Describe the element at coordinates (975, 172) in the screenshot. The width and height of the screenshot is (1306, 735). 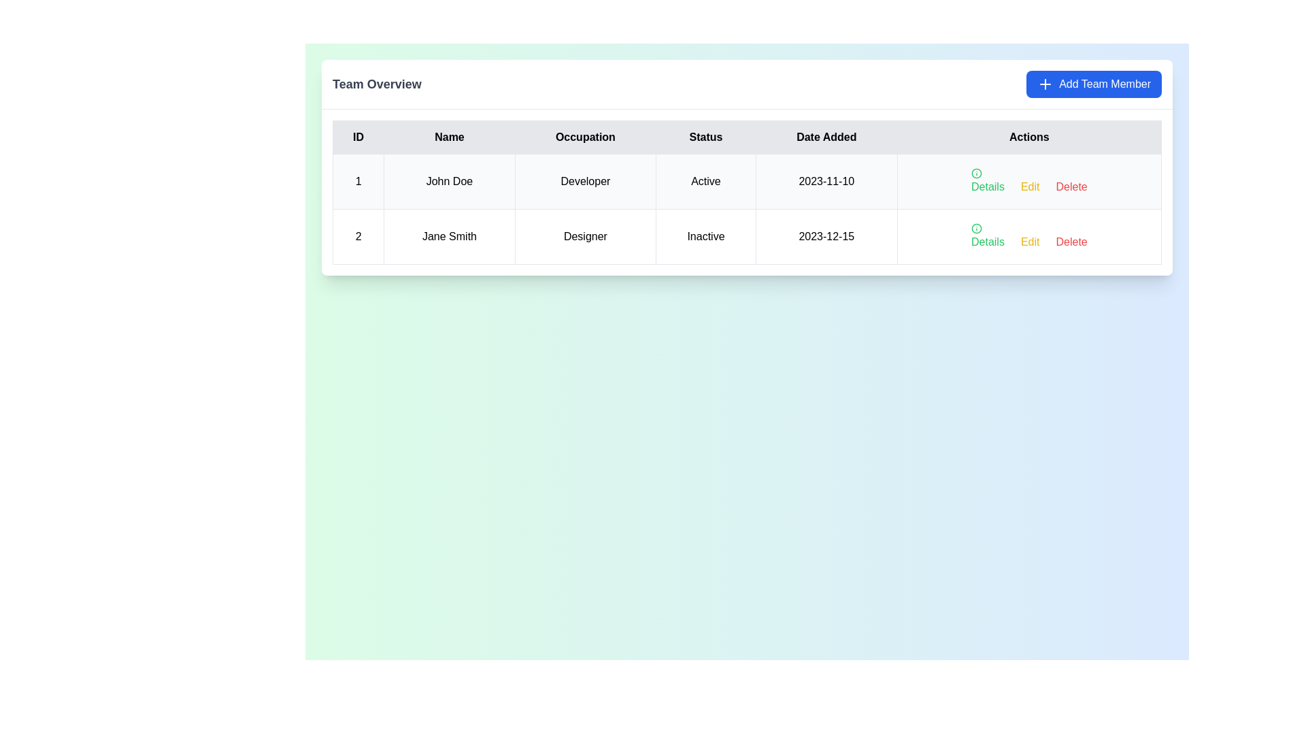
I see `the circular element that forms the outer border of the information icon in the 'Actions' column of the 'Team Overview' table, located next to the 'Details' link for 'Jane Smith'` at that location.